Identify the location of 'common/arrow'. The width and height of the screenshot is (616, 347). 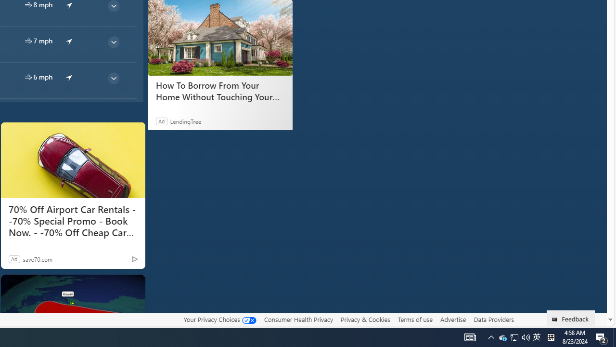
(69, 76).